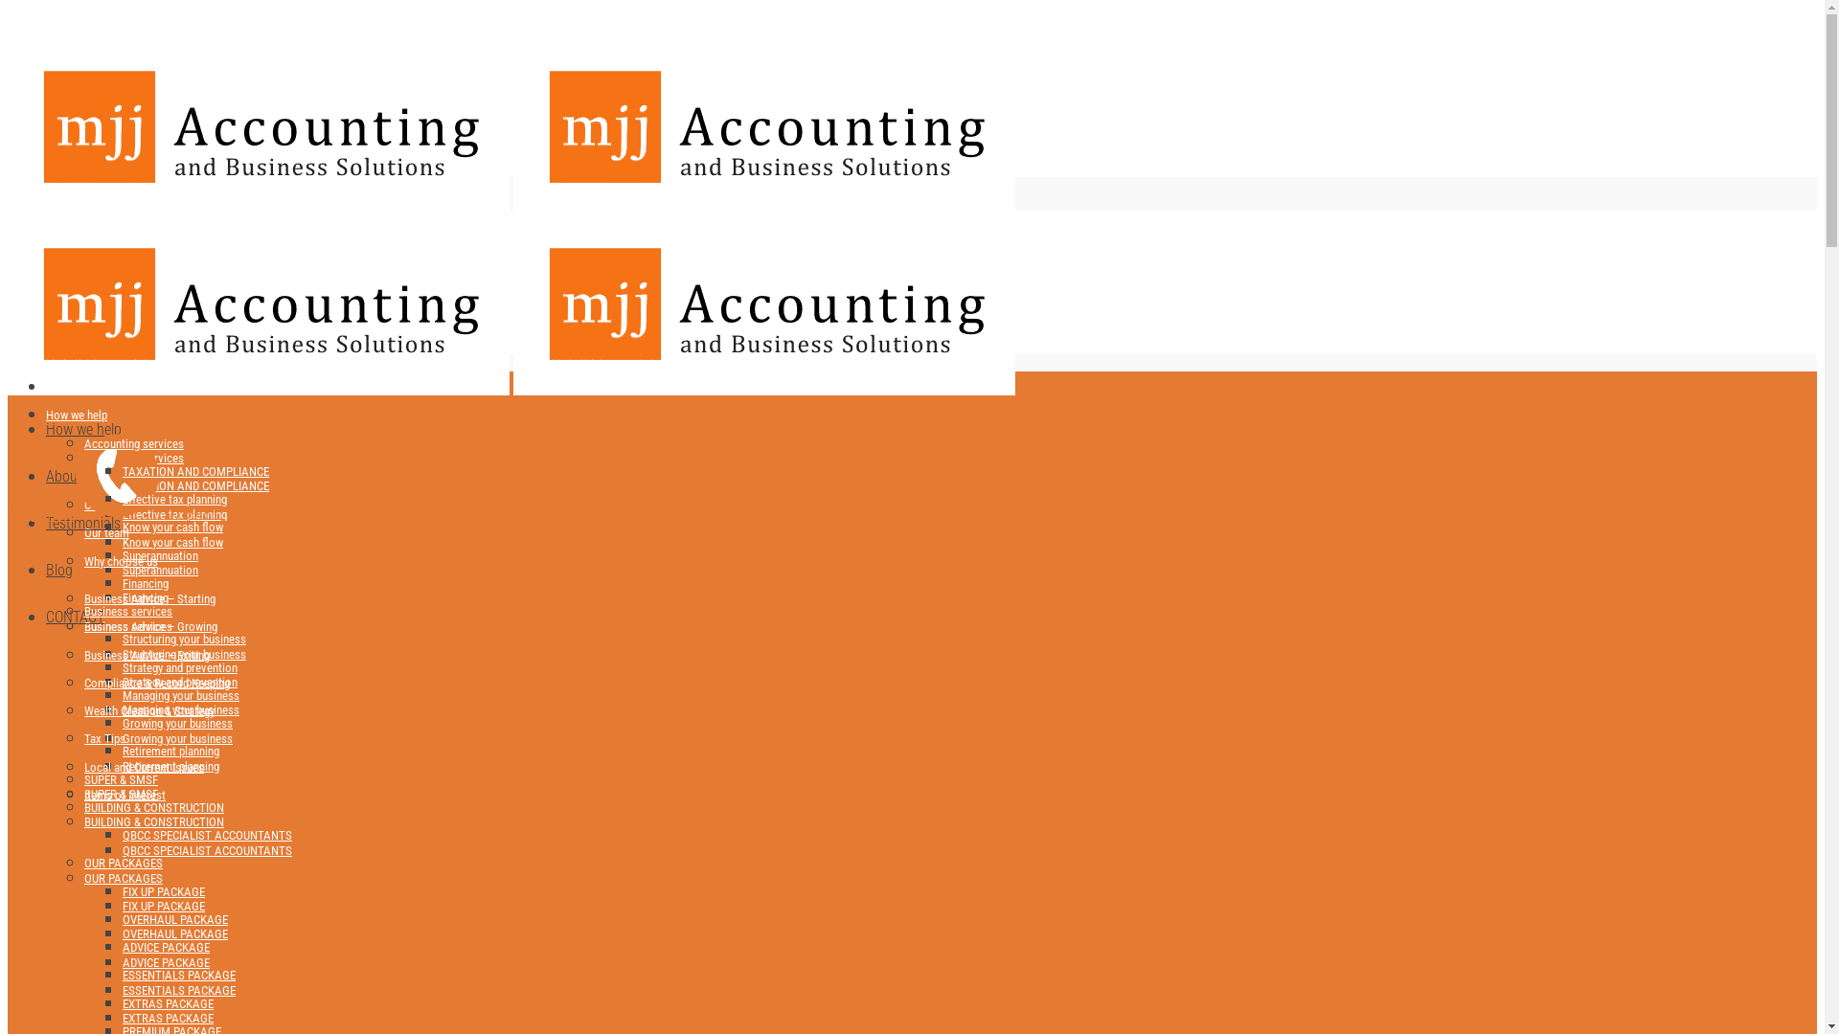 This screenshot has height=1034, width=1839. Describe the element at coordinates (105, 532) in the screenshot. I see `'Our team'` at that location.